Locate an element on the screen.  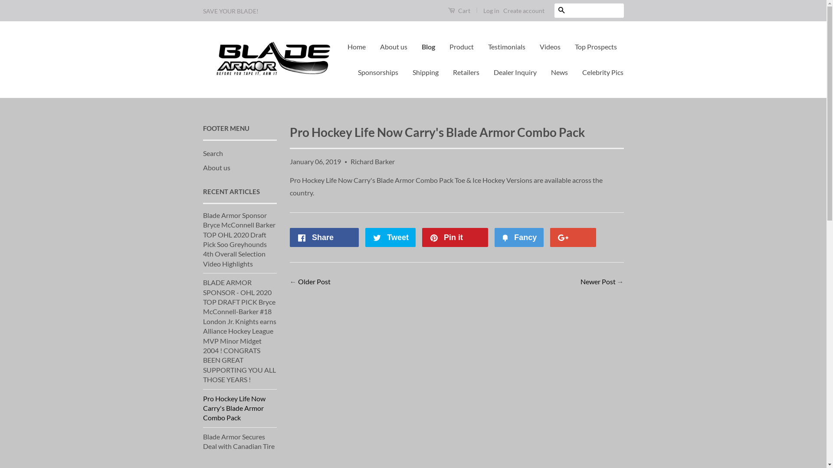
'News' is located at coordinates (544, 72).